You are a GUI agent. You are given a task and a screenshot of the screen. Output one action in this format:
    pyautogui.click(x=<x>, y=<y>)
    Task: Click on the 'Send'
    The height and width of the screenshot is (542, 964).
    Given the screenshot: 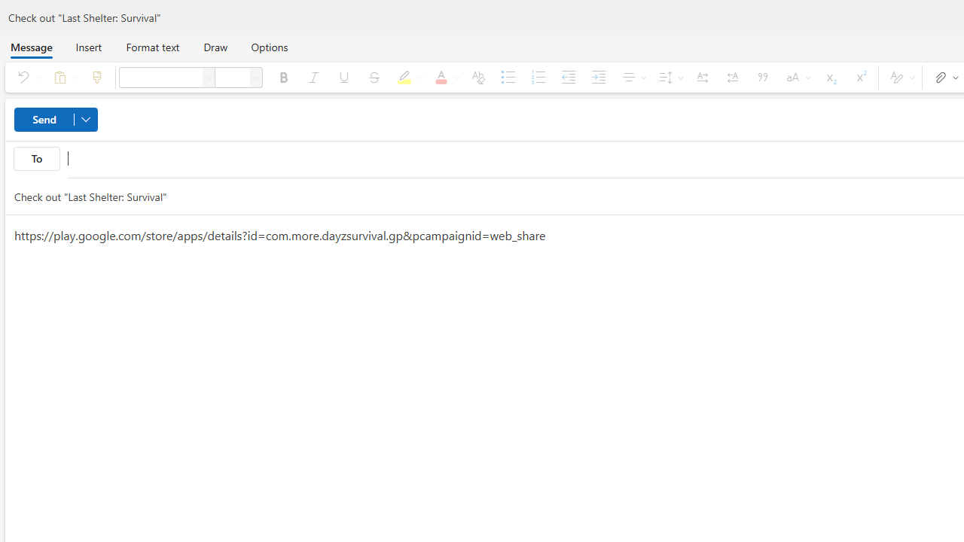 What is the action you would take?
    pyautogui.click(x=56, y=119)
    